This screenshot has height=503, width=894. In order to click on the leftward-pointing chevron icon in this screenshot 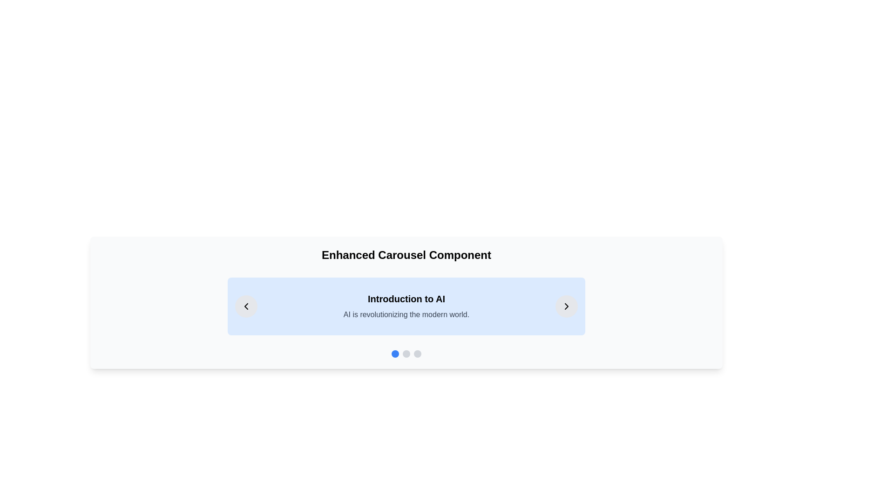, I will do `click(246, 306)`.